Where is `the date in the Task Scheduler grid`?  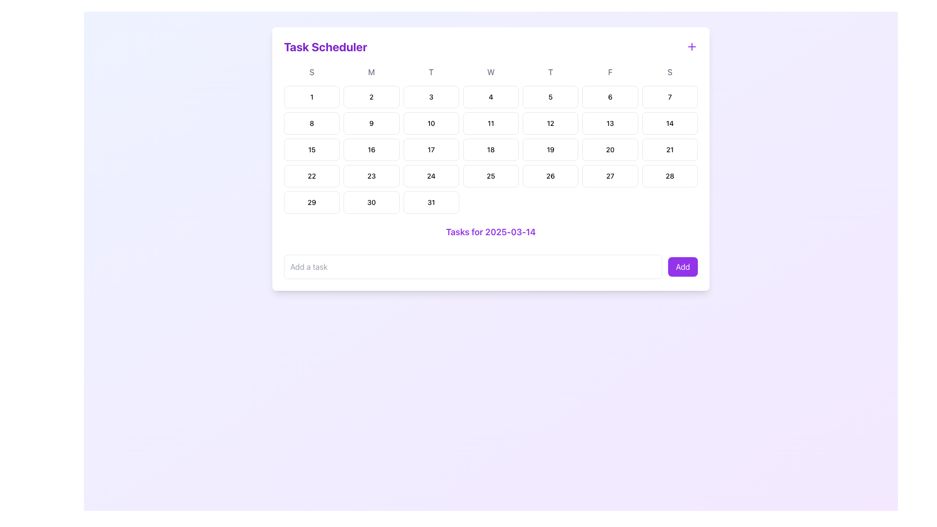 the date in the Task Scheduler grid is located at coordinates (491, 150).